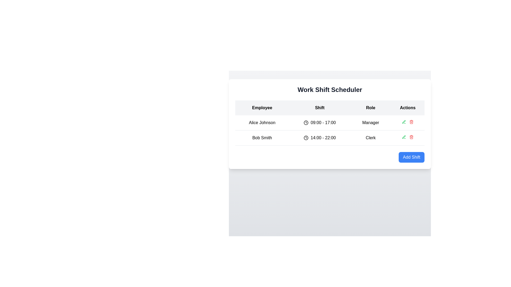  Describe the element at coordinates (404, 137) in the screenshot. I see `the small green pen icon in the Actions column of the second row in the 'Work Shift Scheduler' table` at that location.